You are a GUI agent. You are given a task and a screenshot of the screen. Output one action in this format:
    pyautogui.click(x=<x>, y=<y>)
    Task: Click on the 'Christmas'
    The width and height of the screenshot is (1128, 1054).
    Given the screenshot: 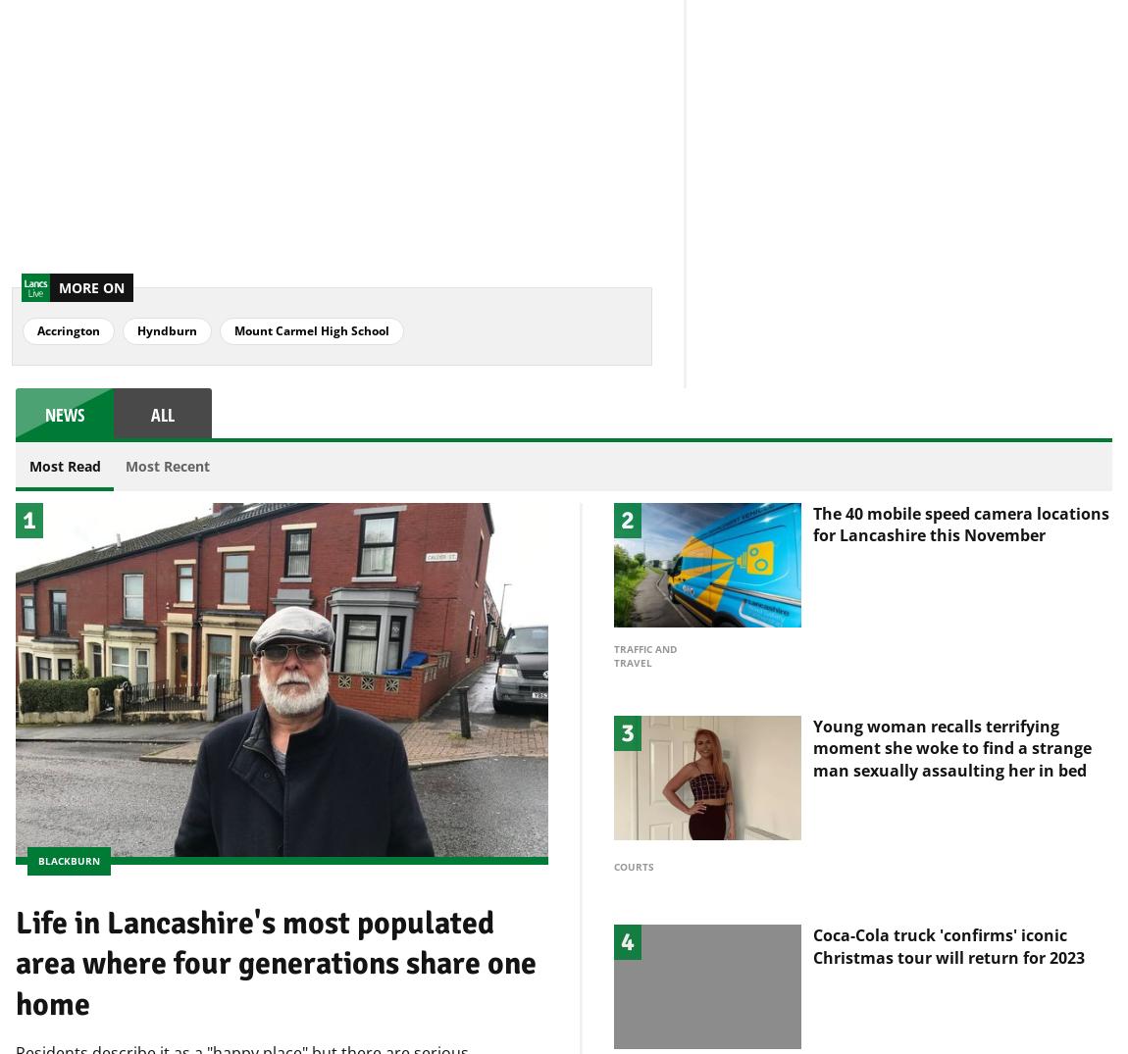 What is the action you would take?
    pyautogui.click(x=641, y=1043)
    